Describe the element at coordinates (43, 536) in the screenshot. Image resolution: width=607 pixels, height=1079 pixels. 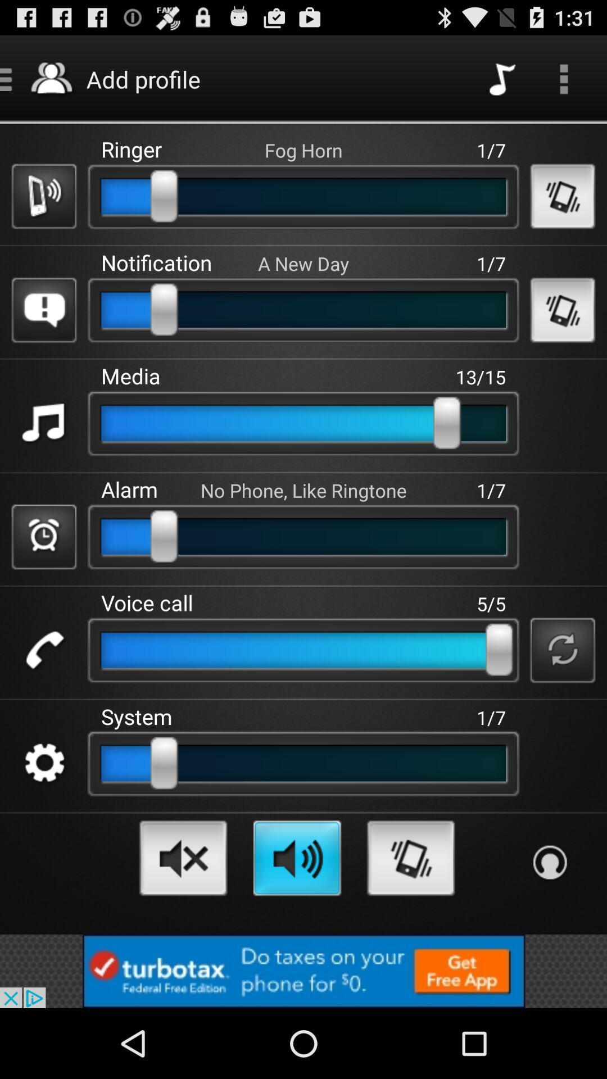
I see `open alarm` at that location.